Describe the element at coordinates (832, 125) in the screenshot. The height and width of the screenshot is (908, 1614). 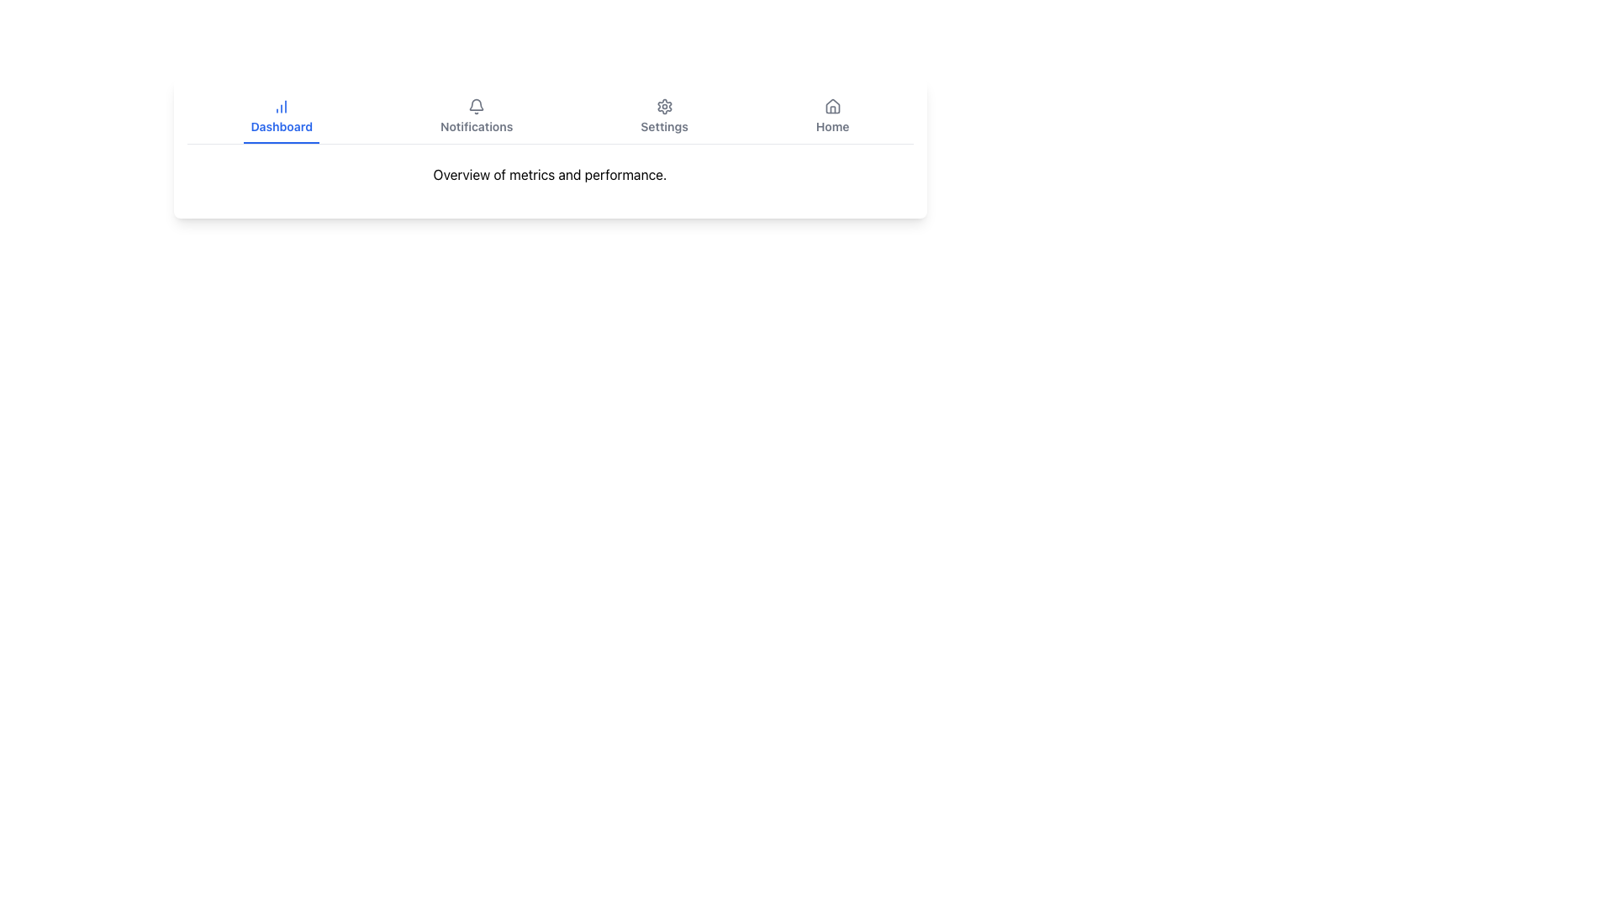
I see `the 'Home' text label in the navigation bar, which is bold and the last item among navigation options` at that location.